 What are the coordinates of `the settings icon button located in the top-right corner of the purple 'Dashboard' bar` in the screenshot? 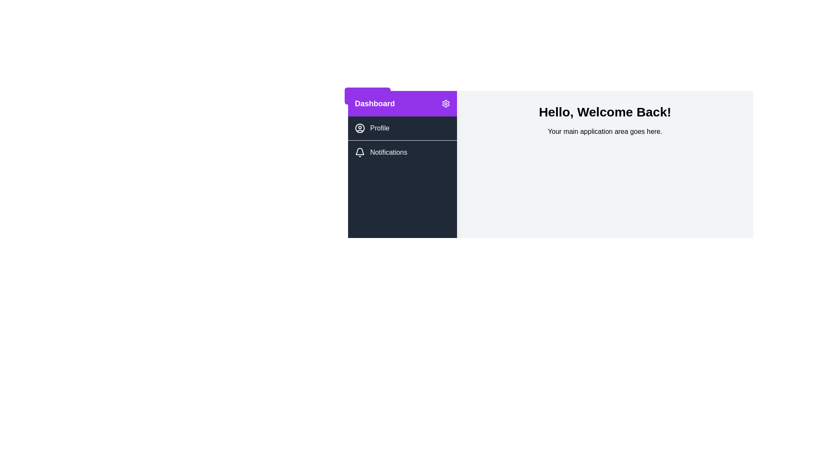 It's located at (445, 103).